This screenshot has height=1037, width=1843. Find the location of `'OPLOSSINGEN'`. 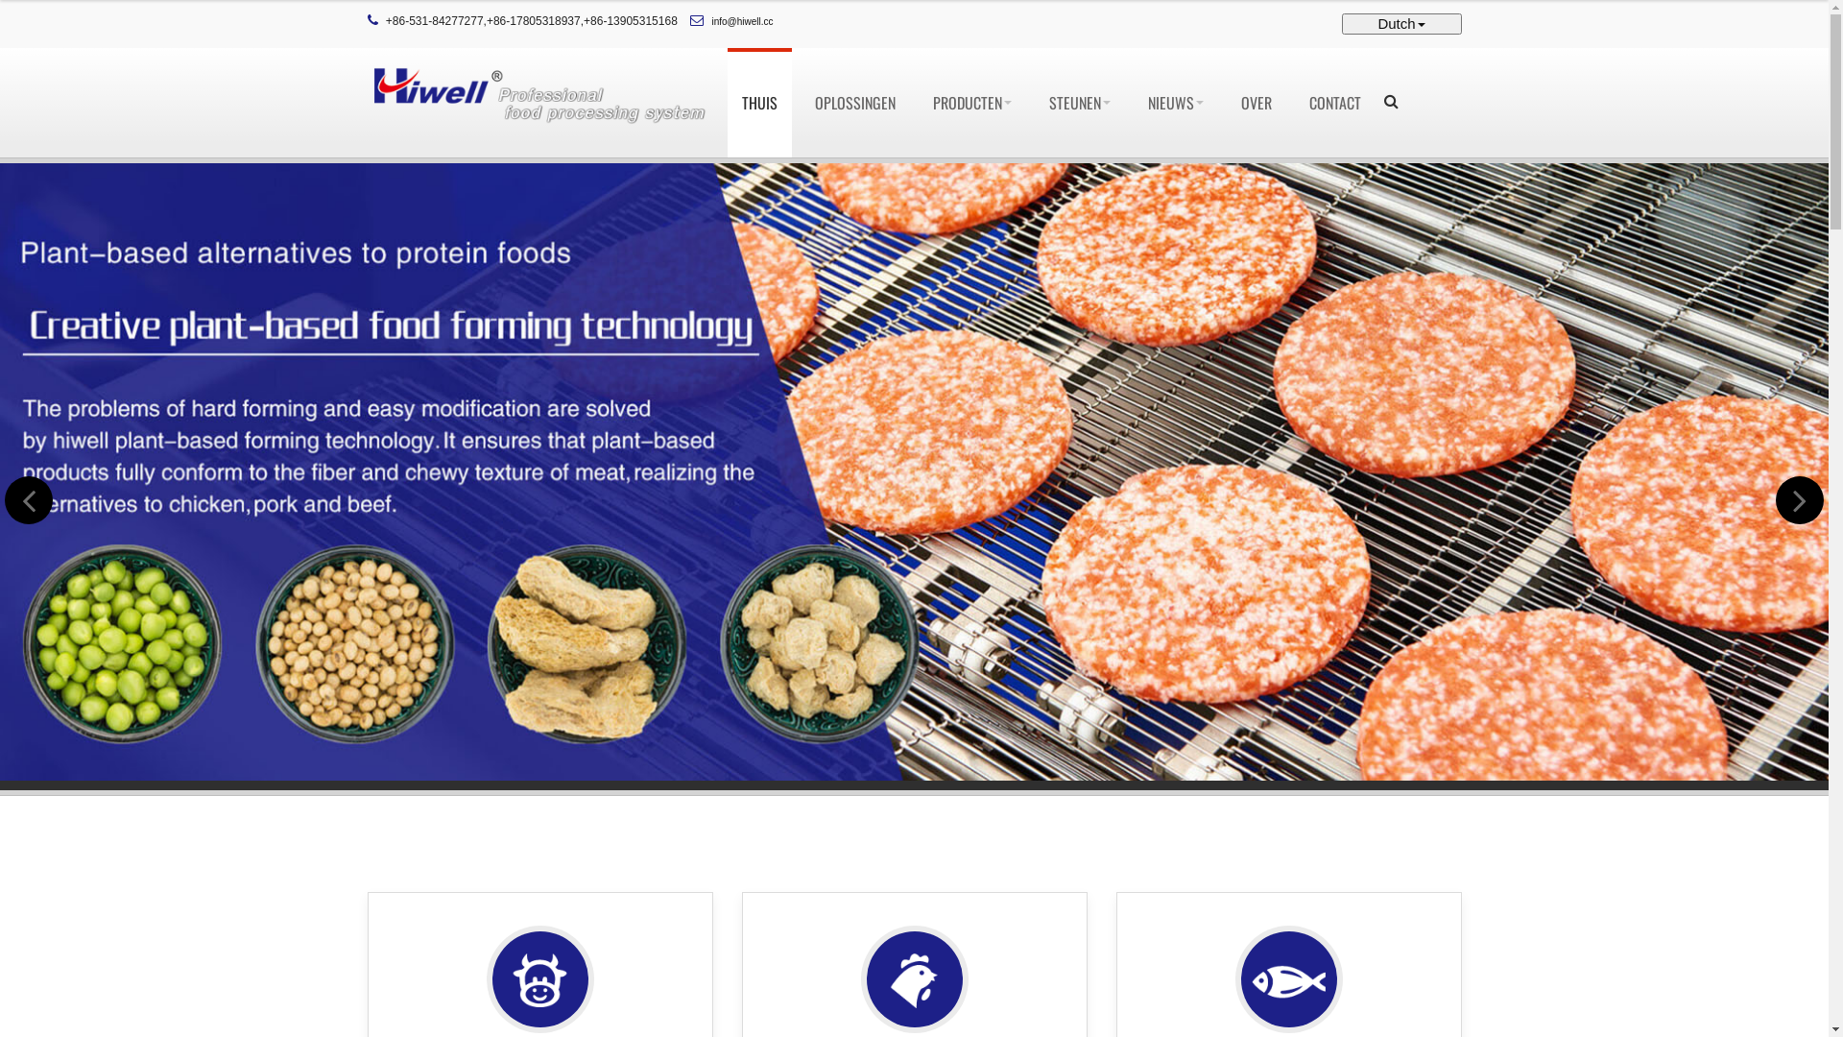

'OPLOSSINGEN' is located at coordinates (801, 103).